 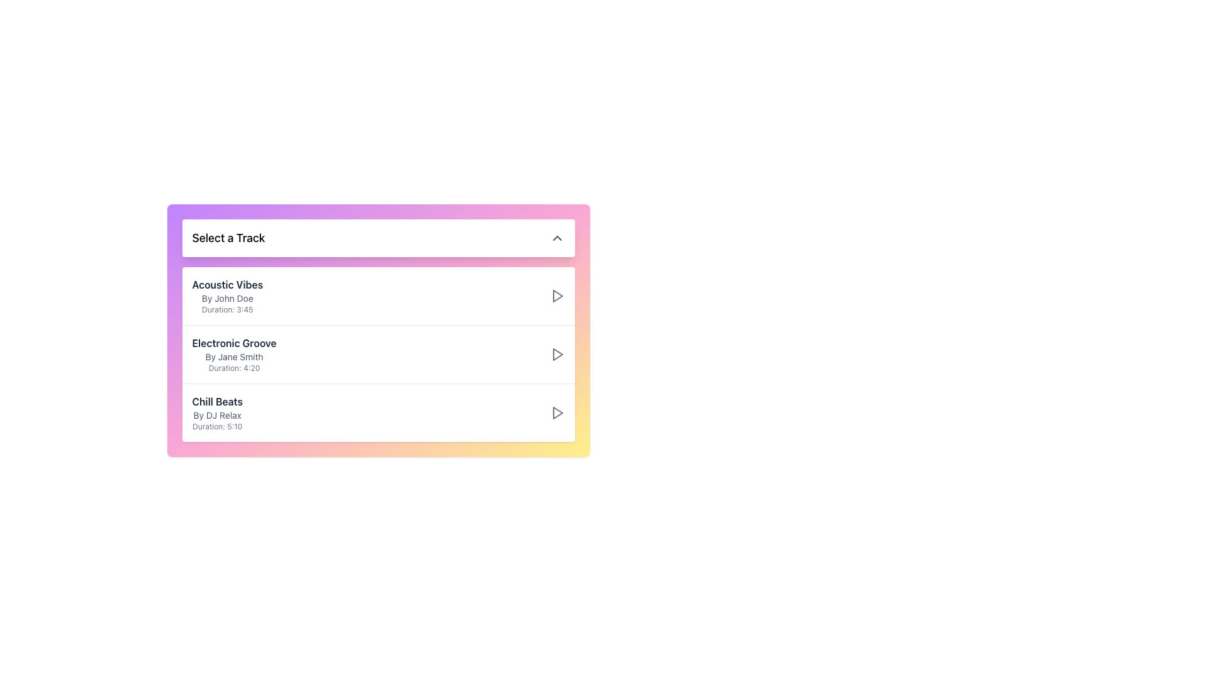 I want to click on the text label displaying 'By John Doe', which is located between 'Acoustic Vibes' and 'Duration: 3:45' in the track information section, so click(x=227, y=298).